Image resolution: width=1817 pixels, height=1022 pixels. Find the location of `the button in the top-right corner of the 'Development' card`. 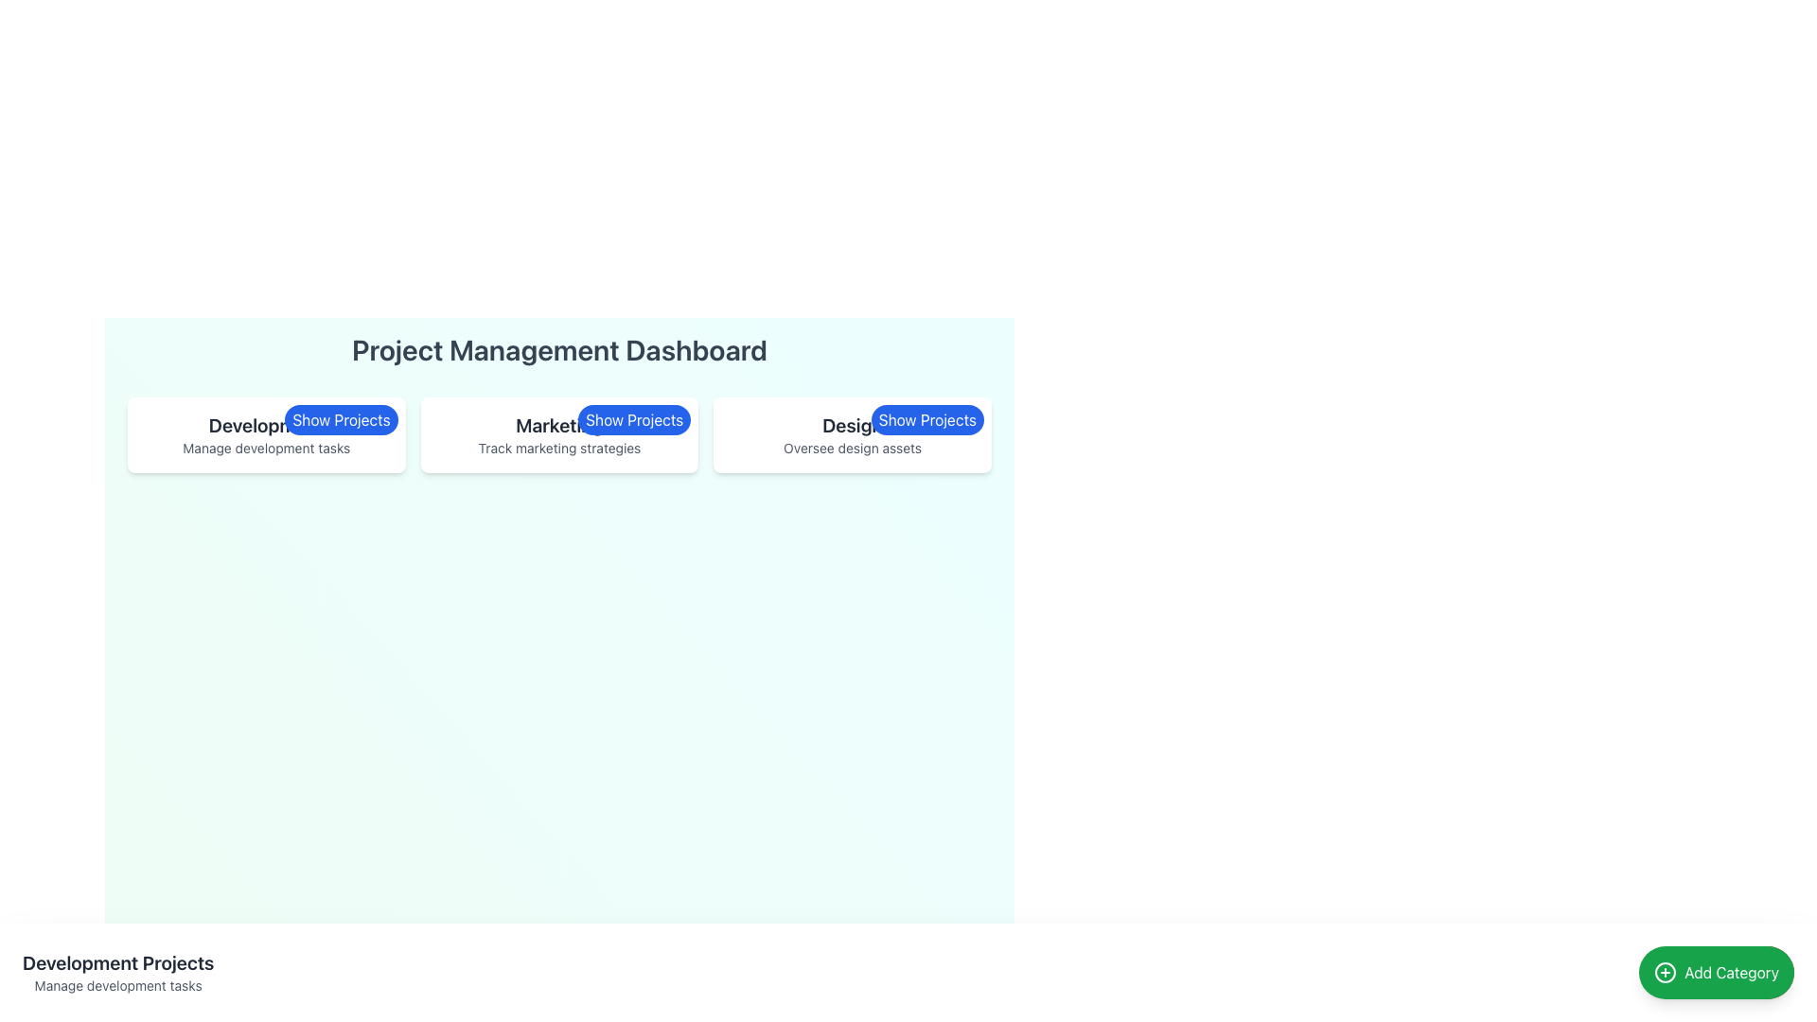

the button in the top-right corner of the 'Development' card is located at coordinates (341, 418).